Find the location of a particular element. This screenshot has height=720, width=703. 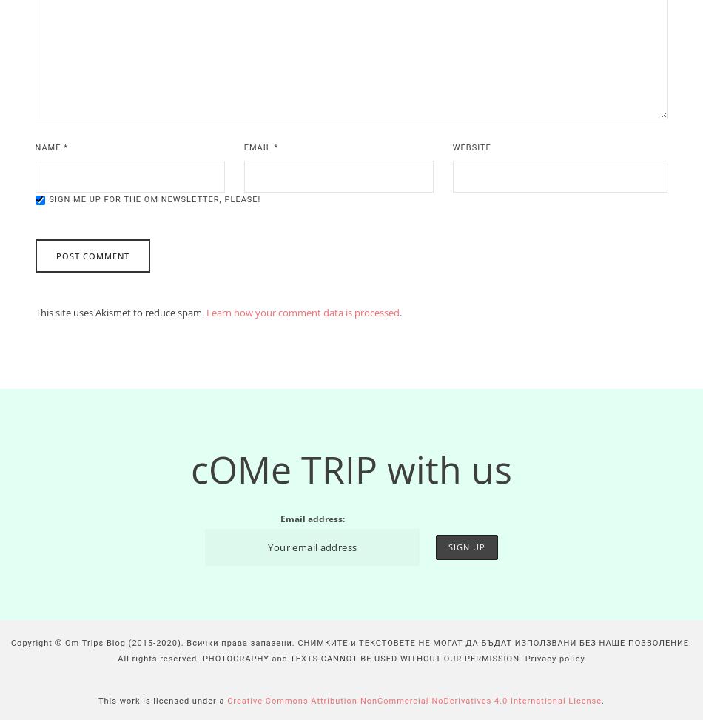

'Sign me up for the om newsletter, please!' is located at coordinates (155, 199).